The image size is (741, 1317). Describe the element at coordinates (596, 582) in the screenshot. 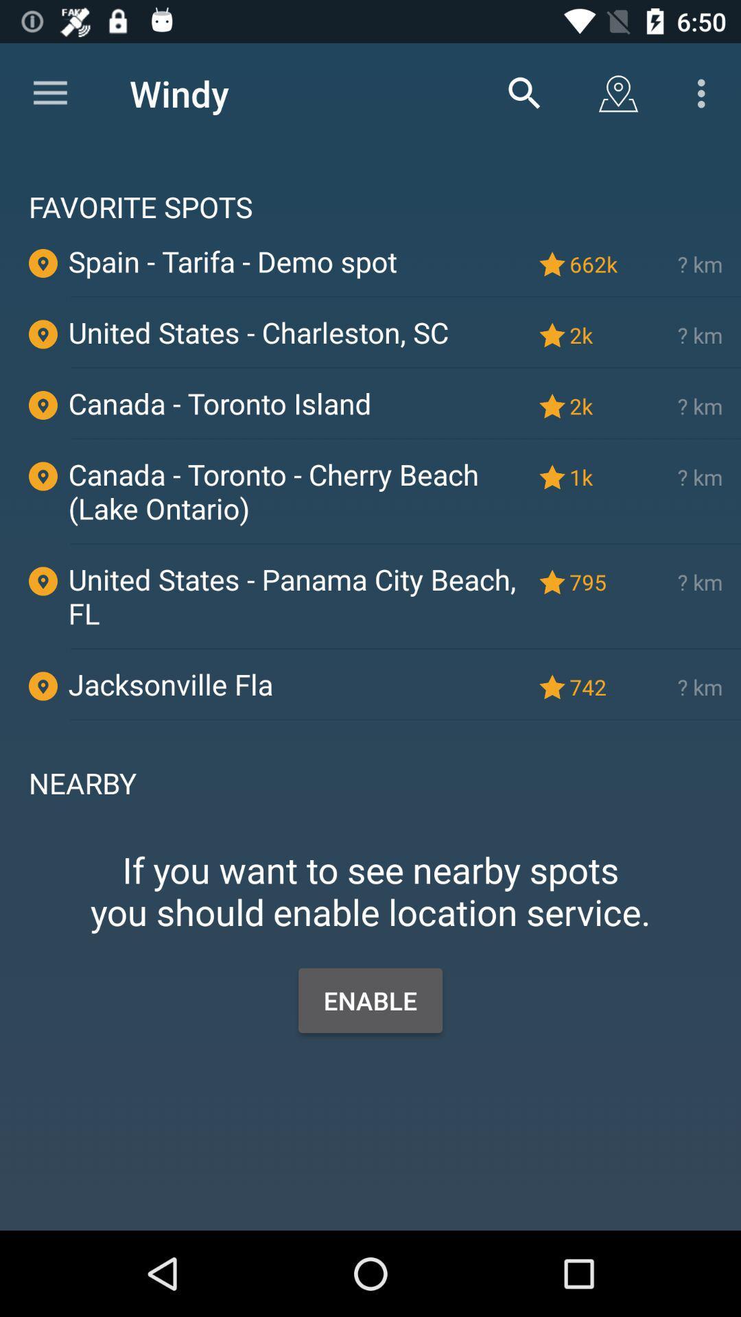

I see `the item next to ? km icon` at that location.